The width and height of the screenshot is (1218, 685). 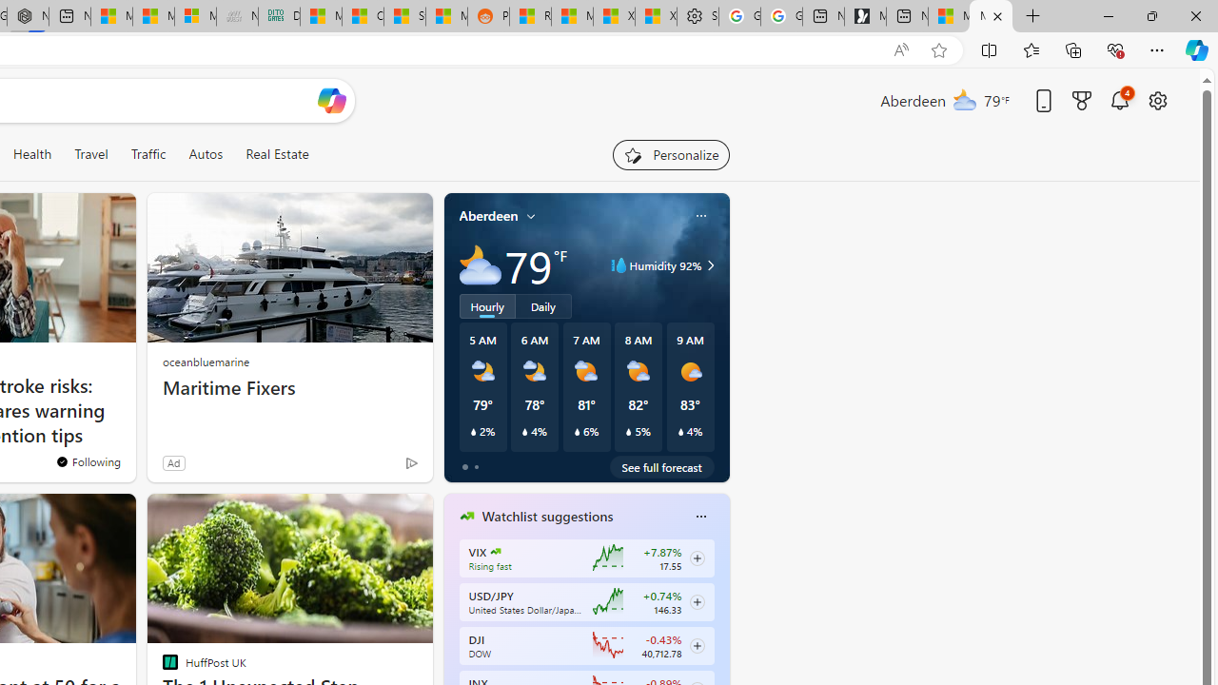 I want to click on 'tab-0', so click(x=464, y=467).